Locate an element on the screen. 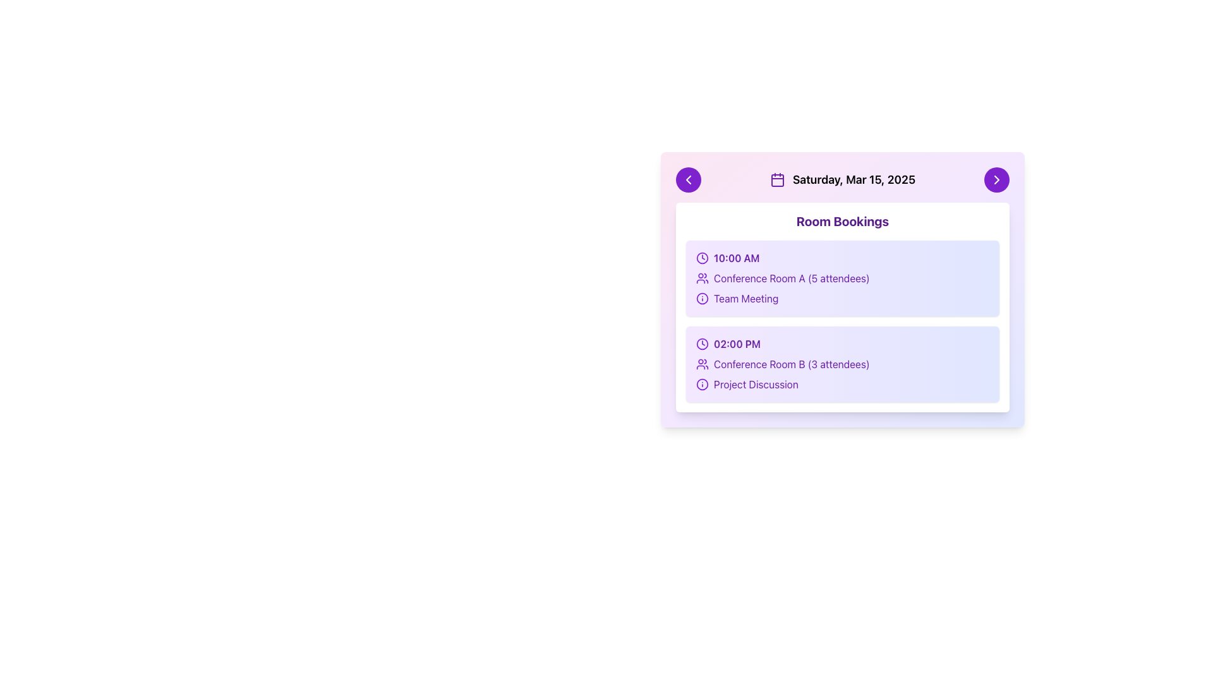 The image size is (1213, 682). the chevron icon inside the circular purple button at the top-right corner of the 'Room Bookings' panel is located at coordinates (996, 180).